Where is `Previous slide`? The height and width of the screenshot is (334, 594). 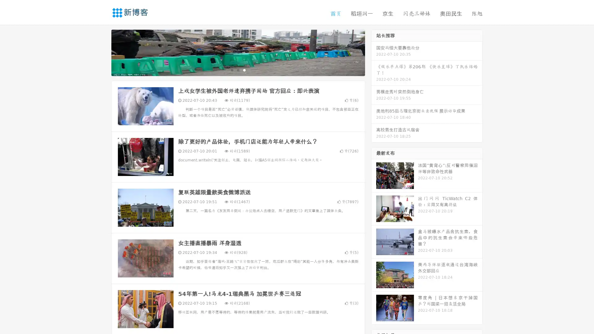 Previous slide is located at coordinates (102, 52).